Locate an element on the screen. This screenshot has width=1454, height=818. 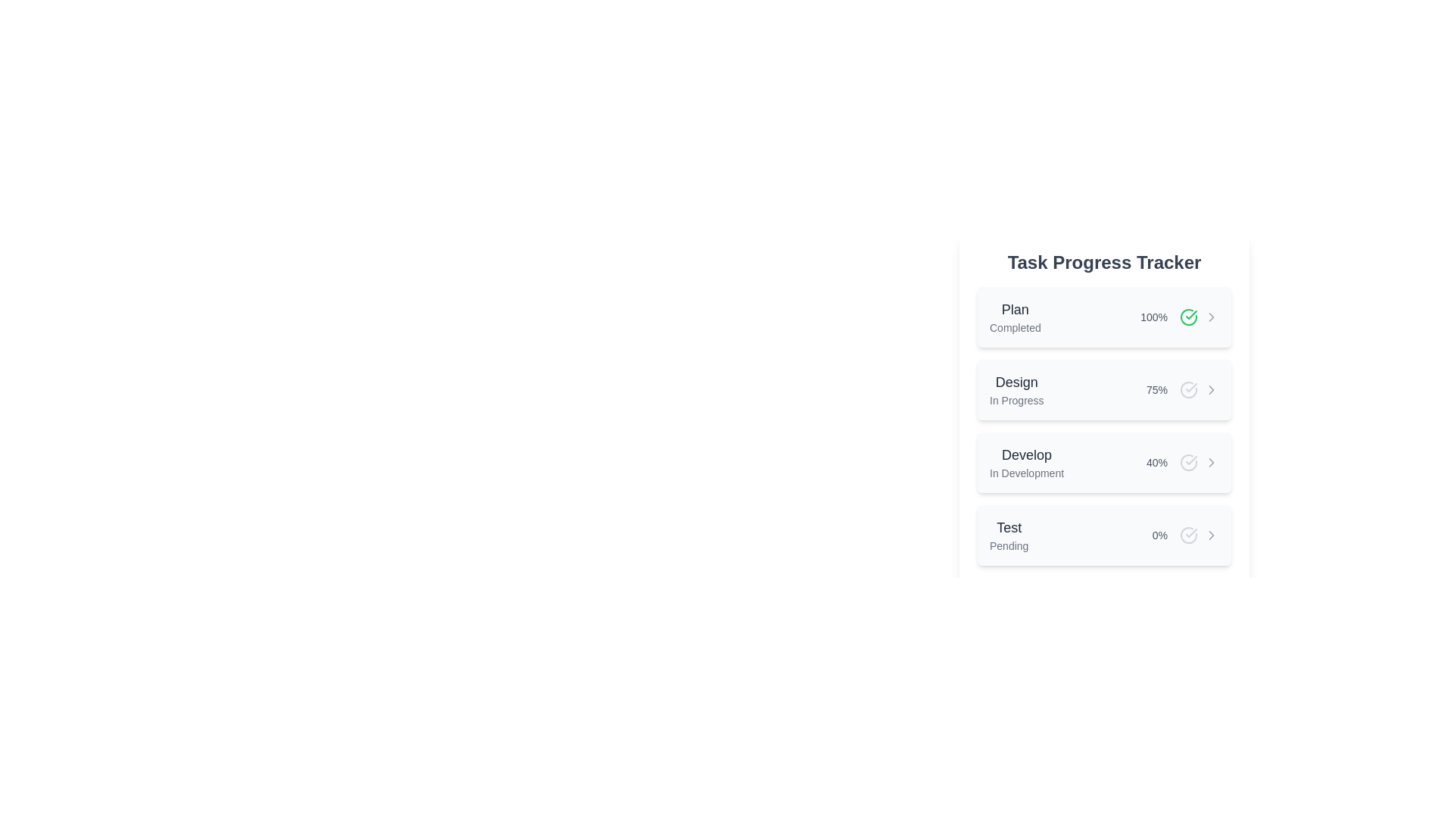
the 'Design' task title label in the 'Task Progress Tracker' interface, which is positioned in the second card above the 'In Progress' status text is located at coordinates (1016, 382).